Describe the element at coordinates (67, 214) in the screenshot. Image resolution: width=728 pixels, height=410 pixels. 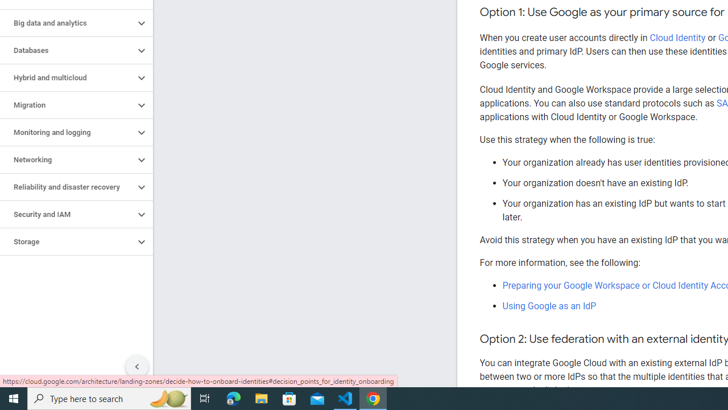
I see `'Security and IAM'` at that location.